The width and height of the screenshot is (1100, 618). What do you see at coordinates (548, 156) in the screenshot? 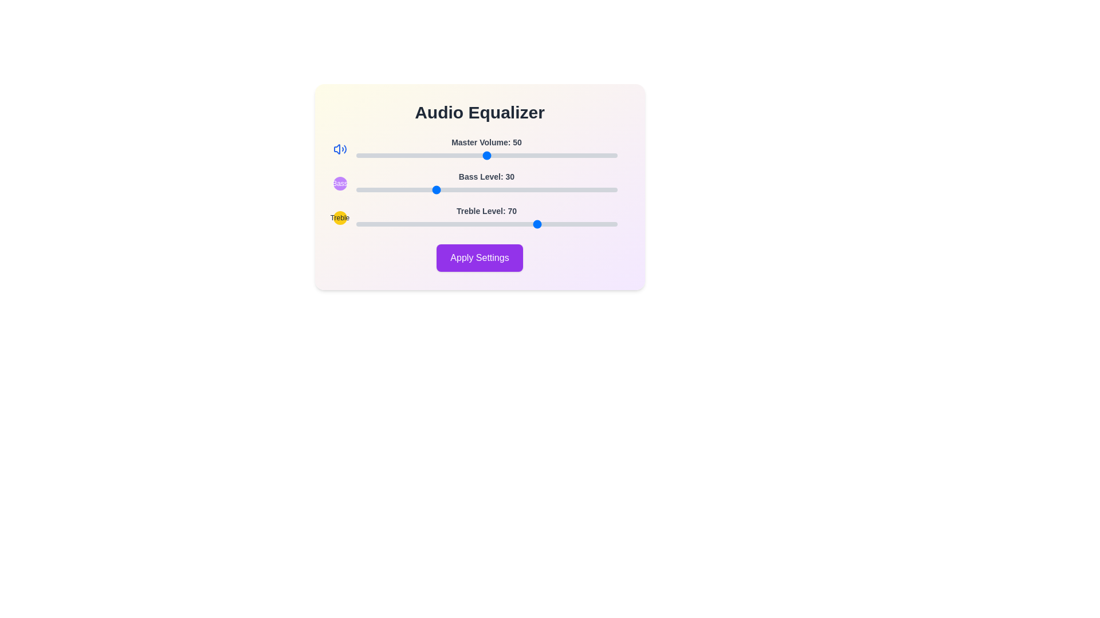
I see `the master volume` at bounding box center [548, 156].